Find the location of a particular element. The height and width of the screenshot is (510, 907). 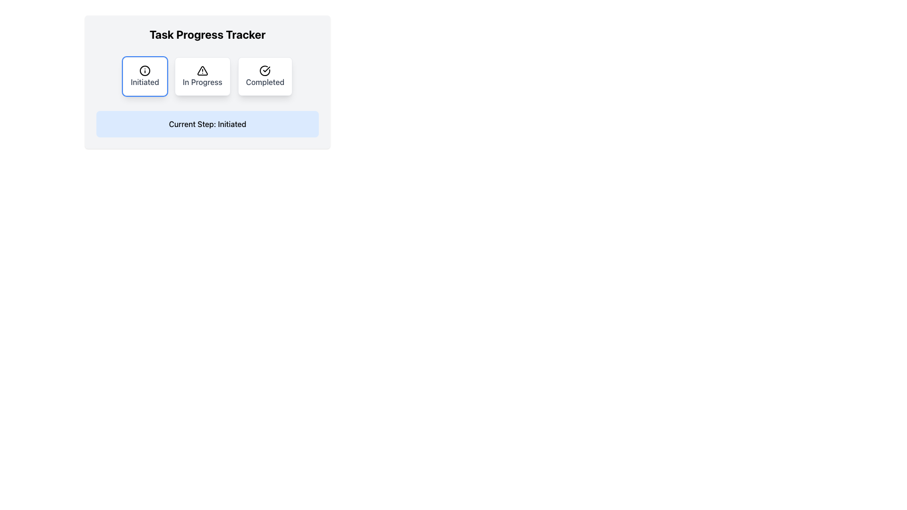

the circular SVG graphic element that is part of the 'Initiated' button in the task progress tracker is located at coordinates (145, 70).